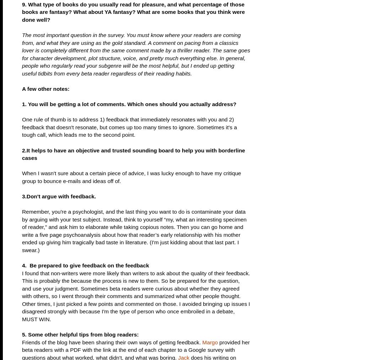 The image size is (376, 360). I want to click on 'Remember, you're a psychologist, and the last thing you want to do is contaminate your data by arguing with your test subject. Instead, think to yourself “my, what an interesting specimen of reader,” and ask him to elaborate while taking copious notes. Then  you can go home and write a five page psychoanalysis about how that reader’s early relationship with his mother ended up giving him tragically bad taste in literature. (I'm just kidding about that last part. I swear.)', so click(134, 230).